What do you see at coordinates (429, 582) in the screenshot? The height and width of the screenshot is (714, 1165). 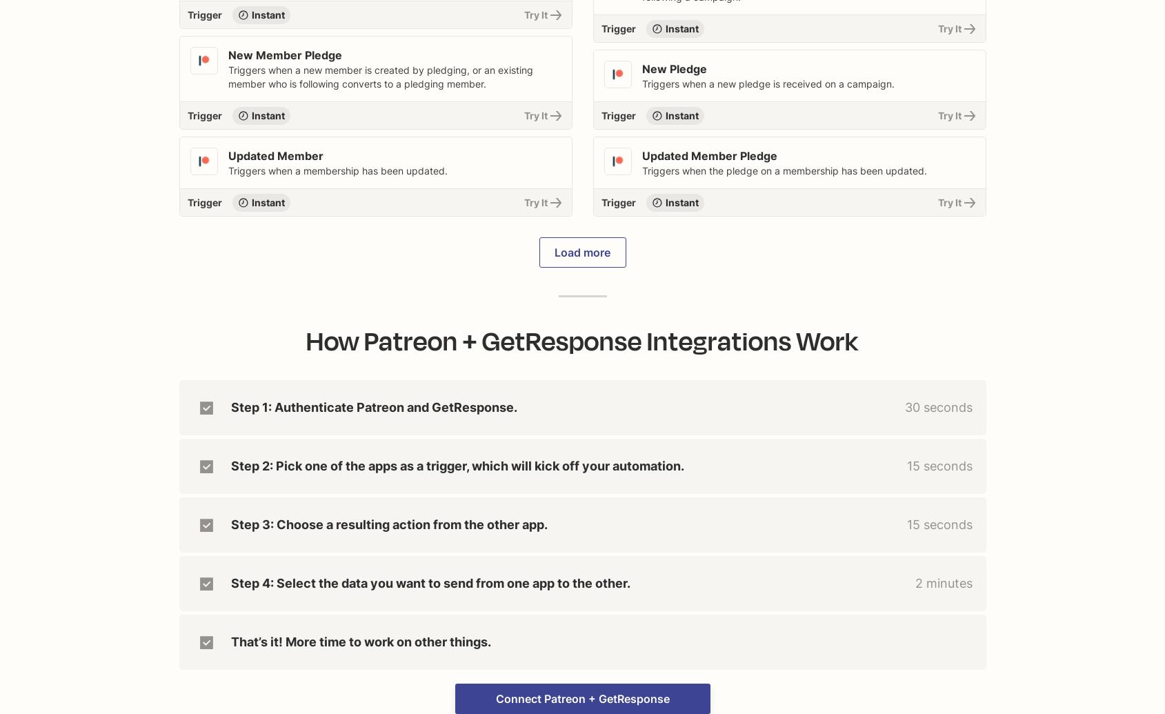 I see `'Step 4: Select the data you want to send from one app to the other.'` at bounding box center [429, 582].